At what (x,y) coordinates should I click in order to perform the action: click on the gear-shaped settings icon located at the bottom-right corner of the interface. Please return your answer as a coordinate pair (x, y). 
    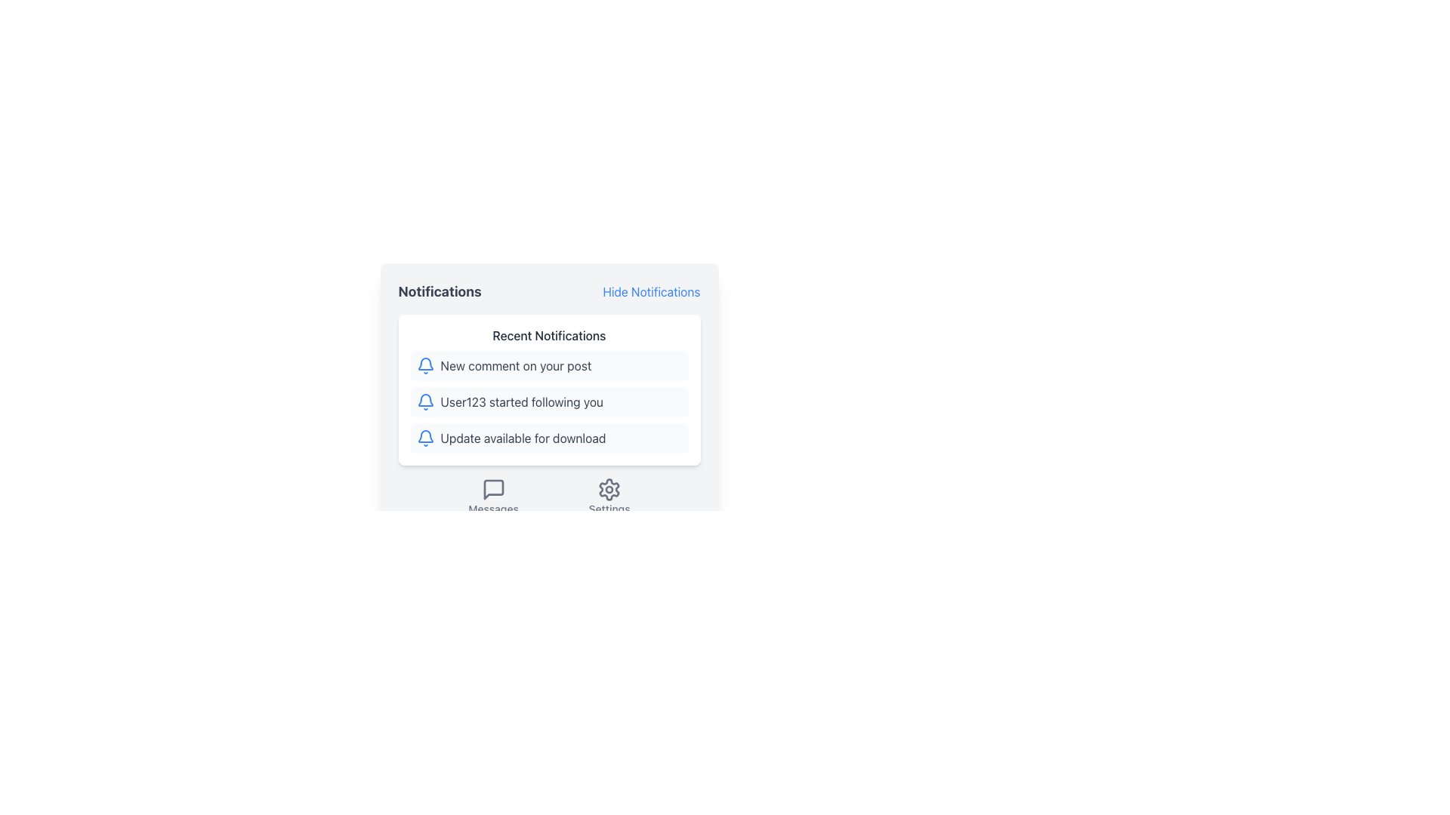
    Looking at the image, I should click on (609, 489).